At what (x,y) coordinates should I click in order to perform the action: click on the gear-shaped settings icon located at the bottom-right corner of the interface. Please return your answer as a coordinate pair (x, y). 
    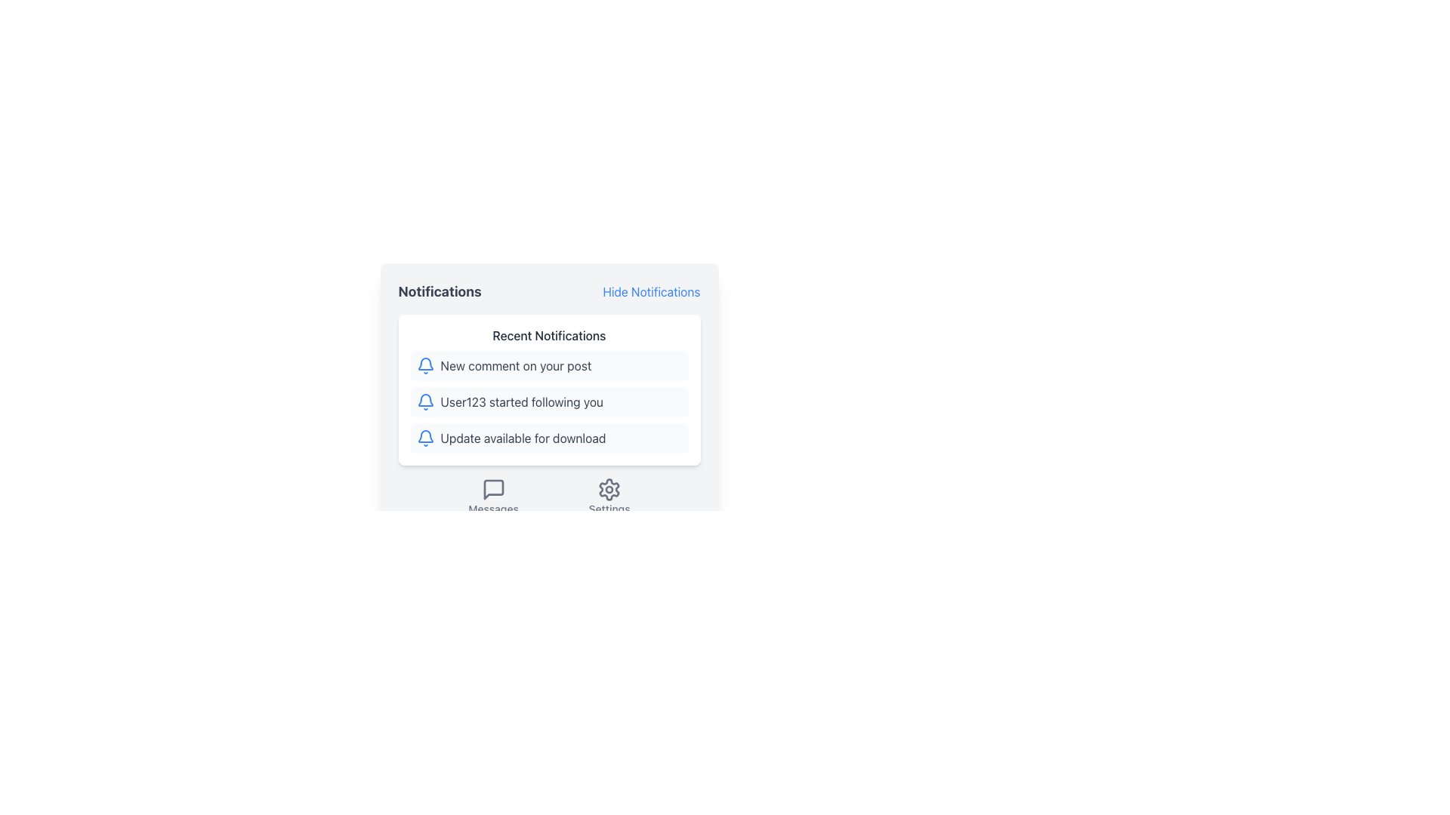
    Looking at the image, I should click on (609, 489).